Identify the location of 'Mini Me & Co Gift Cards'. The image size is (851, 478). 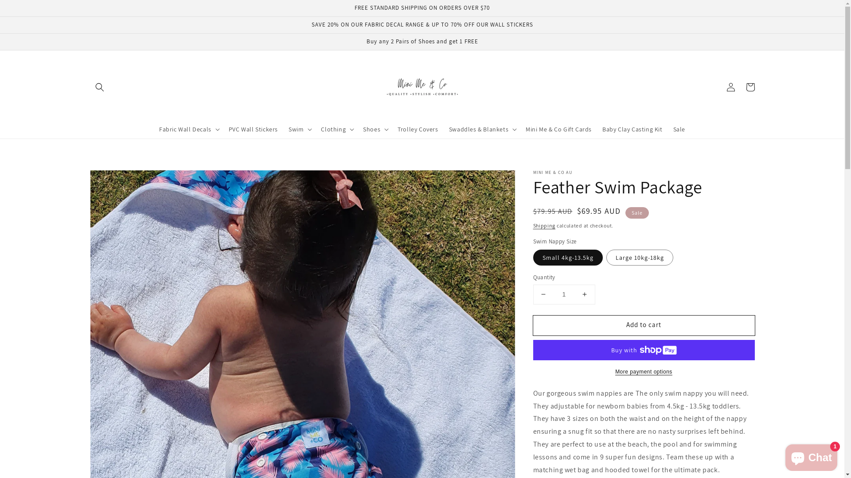
(558, 129).